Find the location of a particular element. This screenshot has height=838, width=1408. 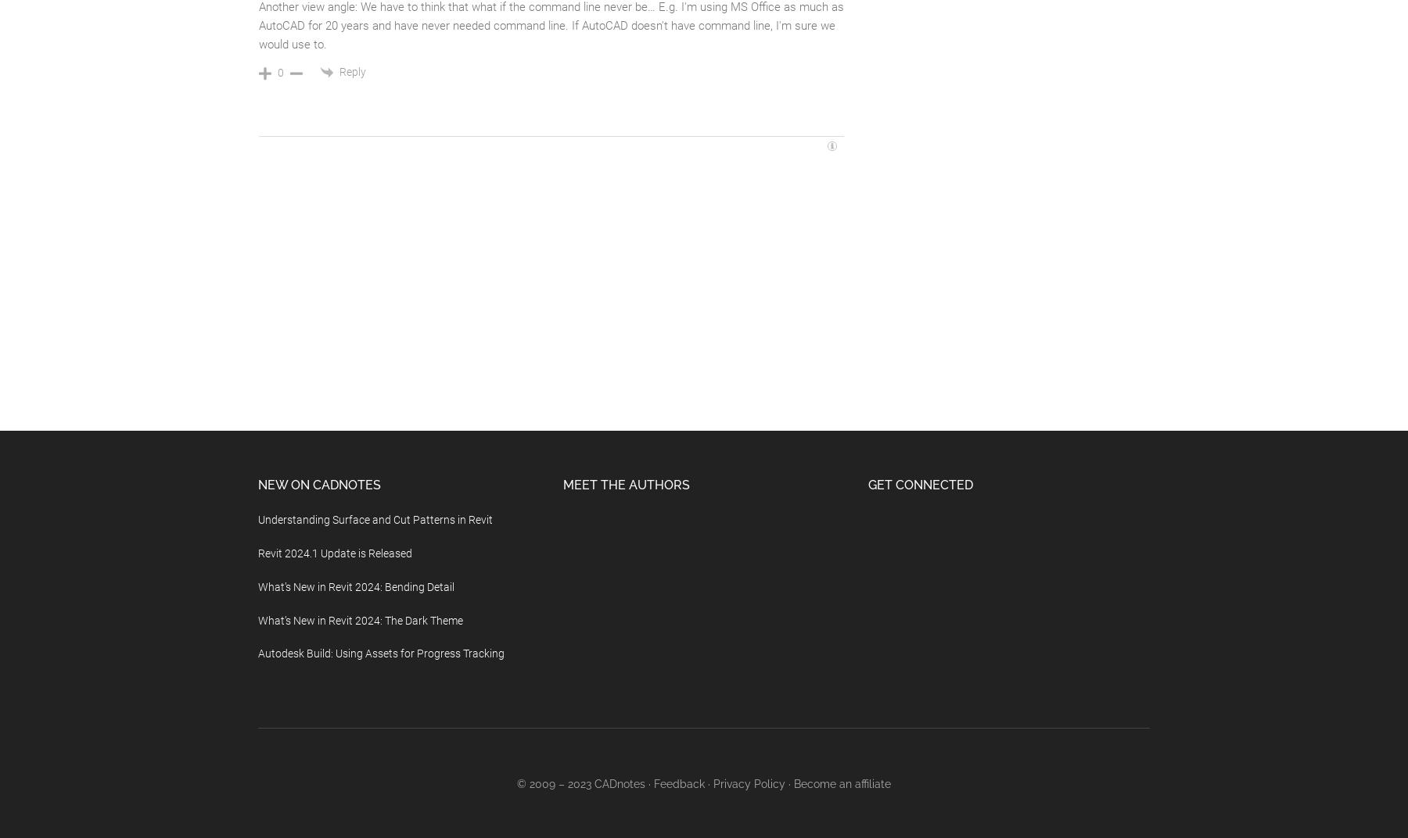

'What’s New in Revit 2024: The Dark Theme' is located at coordinates (257, 619).